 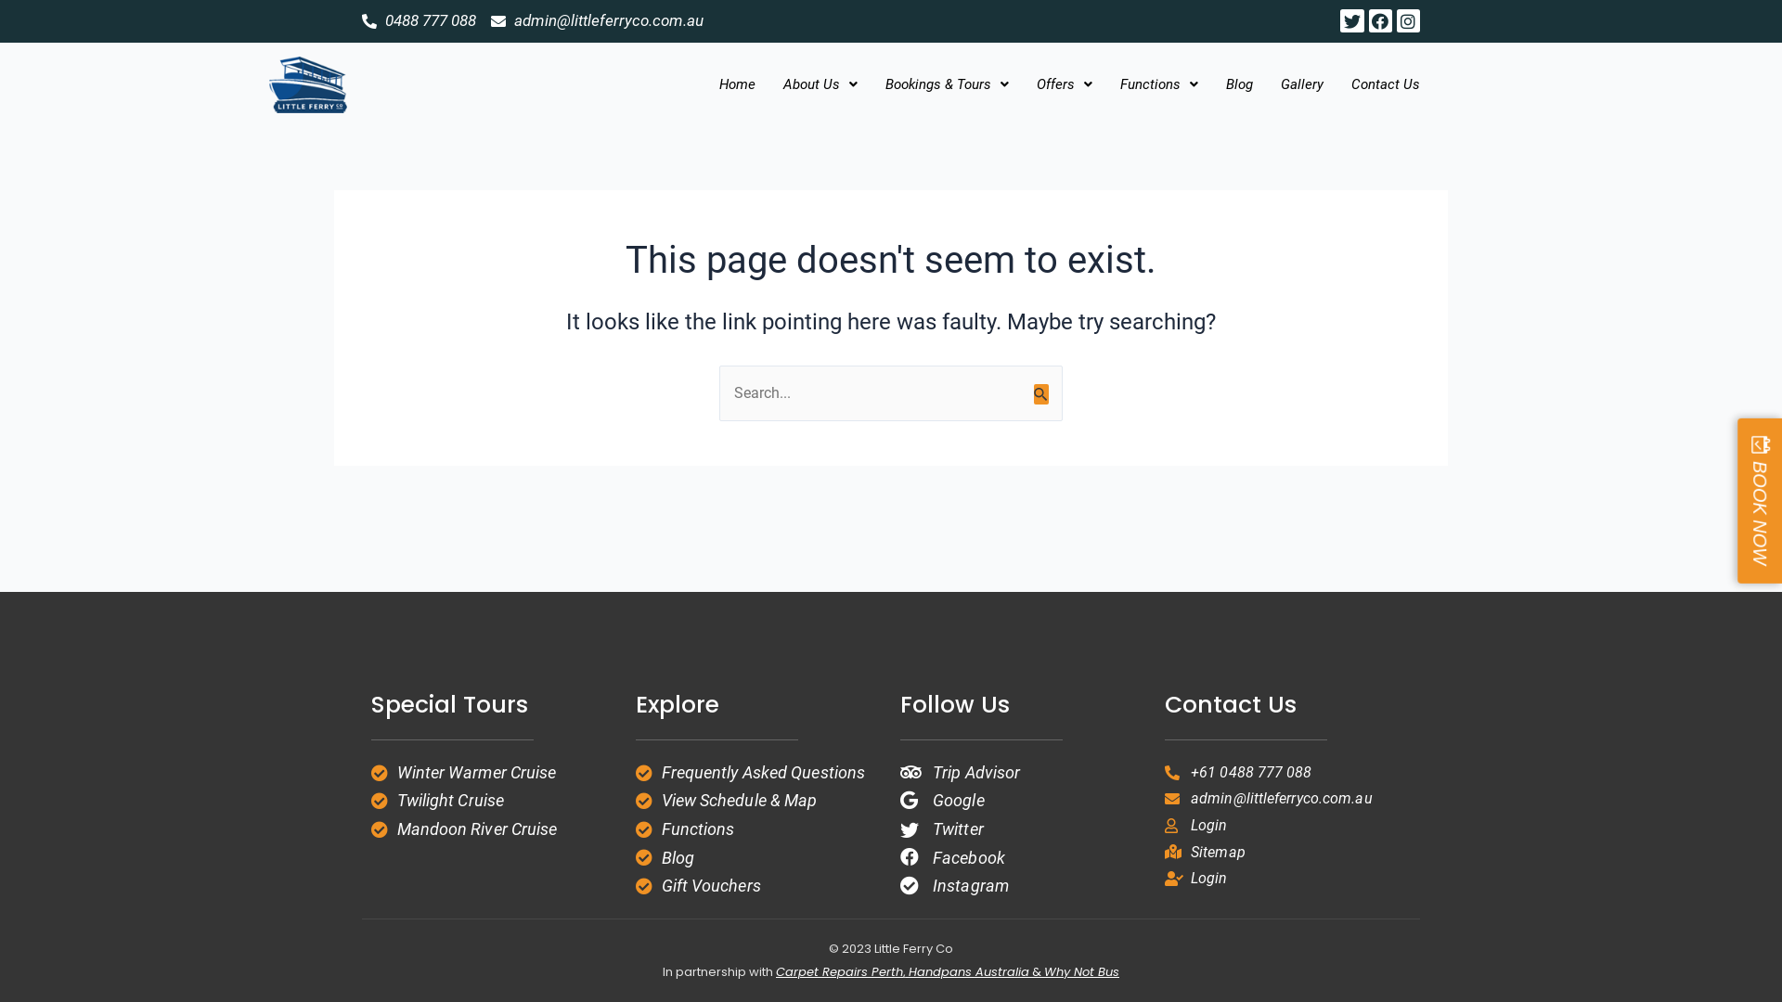 What do you see at coordinates (1043, 970) in the screenshot?
I see `'Why Not Bus'` at bounding box center [1043, 970].